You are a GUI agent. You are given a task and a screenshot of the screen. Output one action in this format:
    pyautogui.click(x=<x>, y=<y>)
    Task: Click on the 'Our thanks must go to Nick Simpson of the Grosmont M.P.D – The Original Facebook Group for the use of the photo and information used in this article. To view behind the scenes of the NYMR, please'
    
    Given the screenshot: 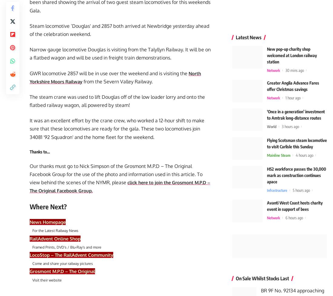 What is the action you would take?
    pyautogui.click(x=116, y=176)
    